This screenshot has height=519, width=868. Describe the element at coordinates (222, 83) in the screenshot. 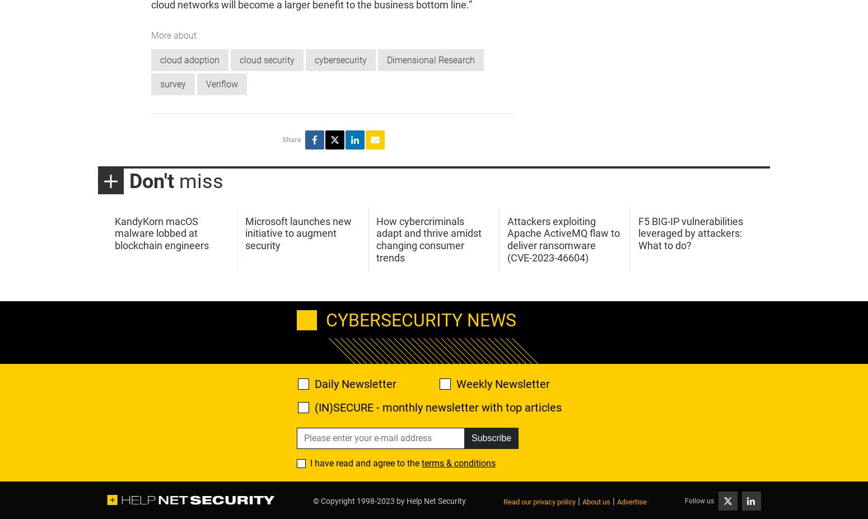

I see `'Veriflow'` at that location.